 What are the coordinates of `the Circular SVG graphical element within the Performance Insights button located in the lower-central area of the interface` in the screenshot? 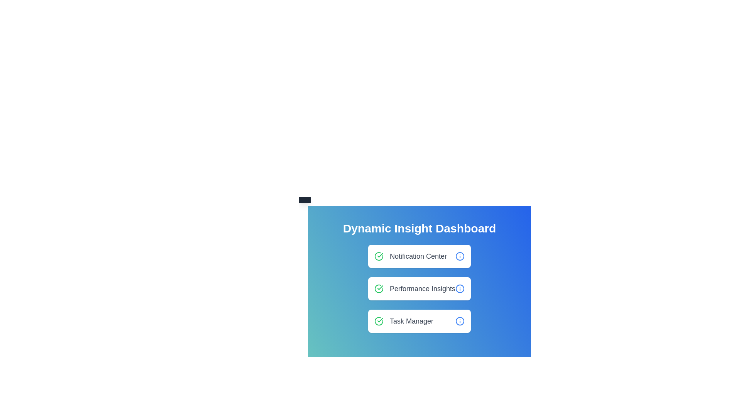 It's located at (460, 256).